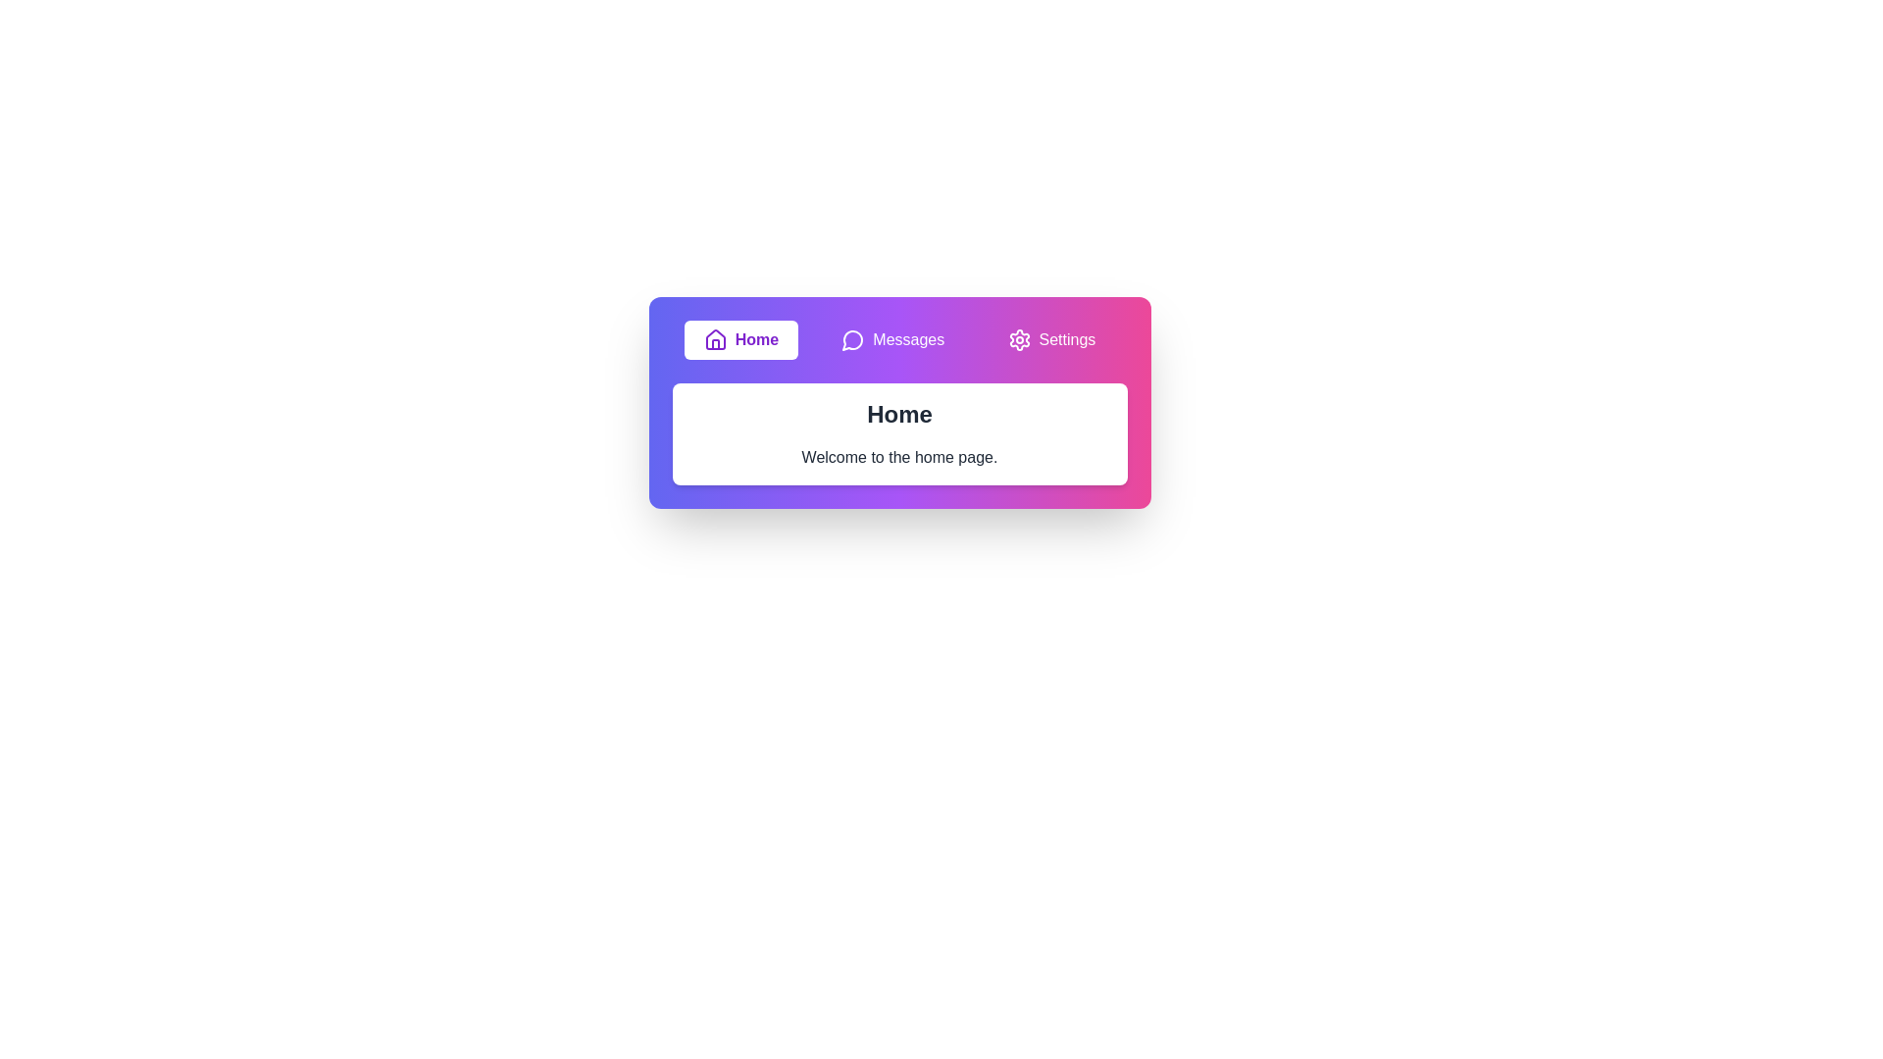 The width and height of the screenshot is (1883, 1059). What do you see at coordinates (739, 339) in the screenshot?
I see `the 'Home' button, which is a rectangular button with rounded corners, featuring a white background and purple text, located at the top-left corner of the gradient background card` at bounding box center [739, 339].